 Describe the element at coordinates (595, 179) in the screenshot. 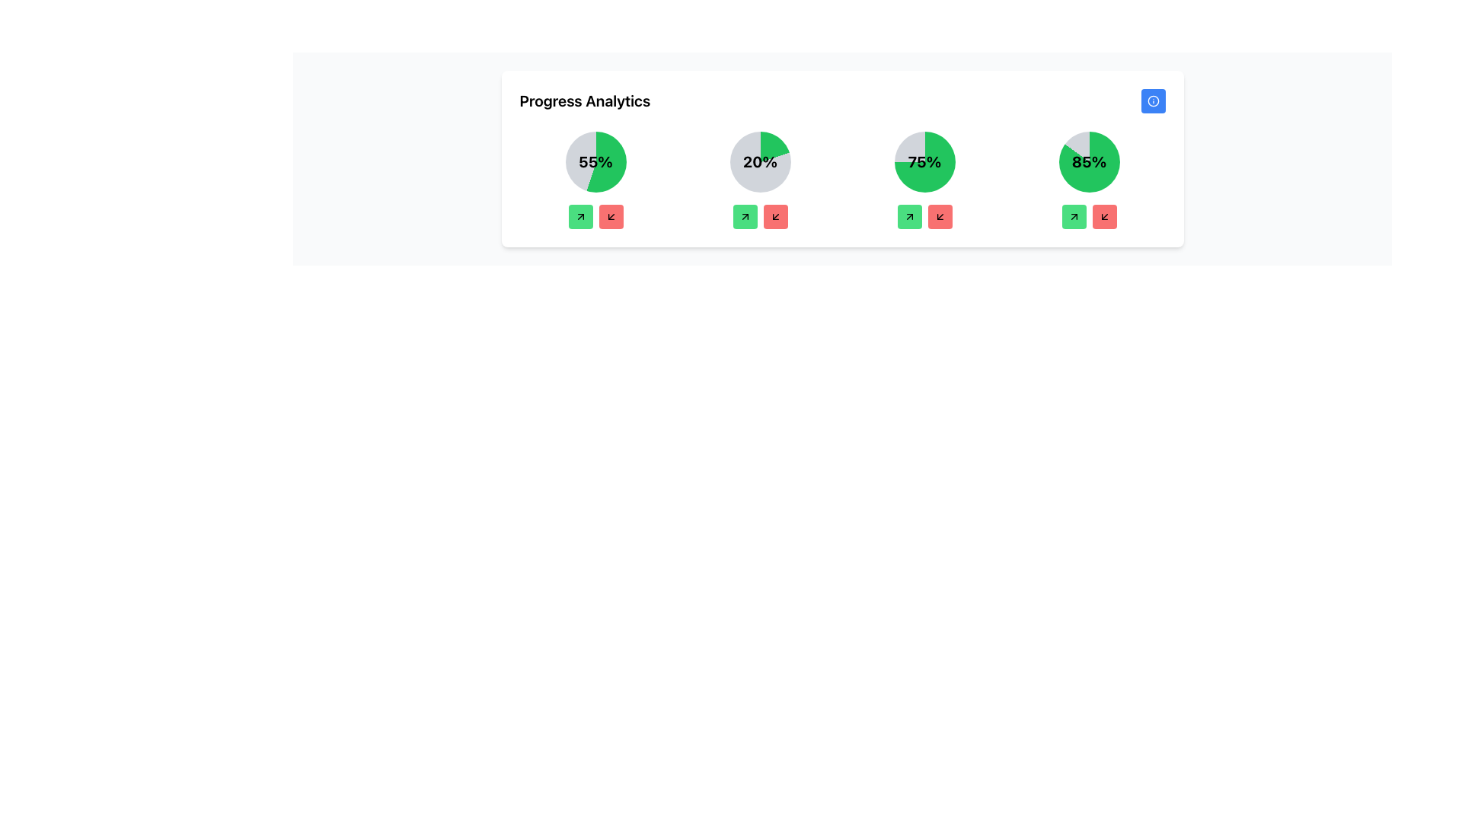

I see `the displayed percentage of the Circular Progress Indicator labeled '55%' located at the top-left corner of its group` at that location.